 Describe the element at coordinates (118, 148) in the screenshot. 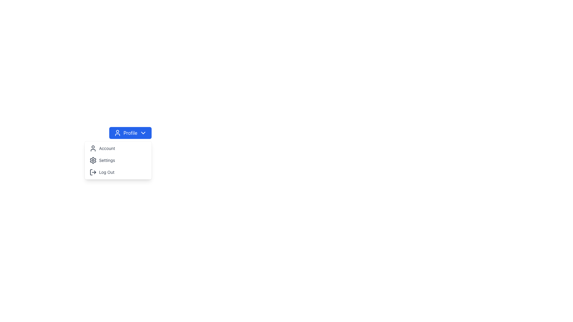

I see `the 'Account' navigational link in the dropdown menu below the 'Profile' button` at that location.